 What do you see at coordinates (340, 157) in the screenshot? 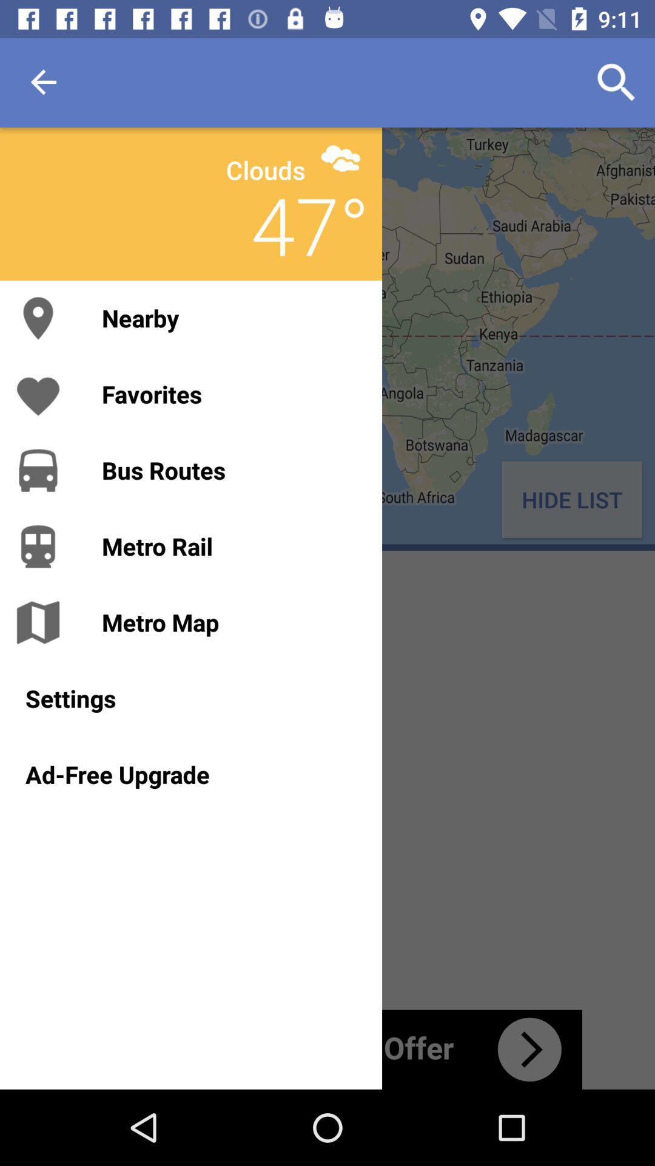
I see `icon next to the clouds` at bounding box center [340, 157].